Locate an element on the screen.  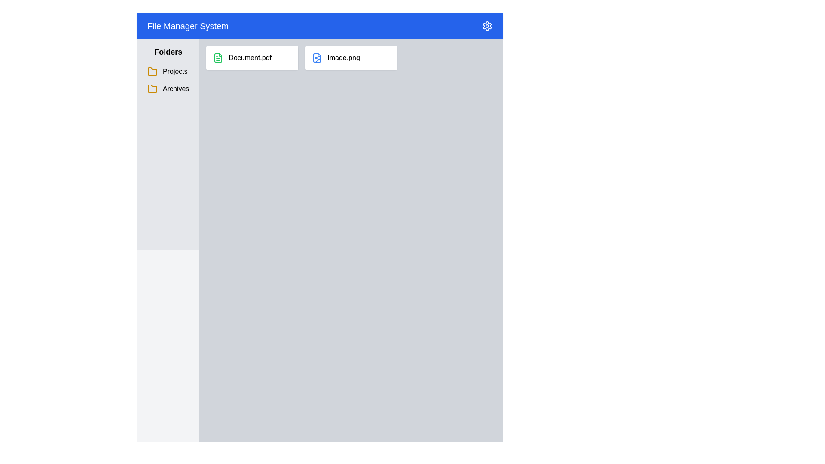
the text label displaying 'Document.pdf', which is located to the right of a green file icon in the main content area of the user interface is located at coordinates (250, 58).